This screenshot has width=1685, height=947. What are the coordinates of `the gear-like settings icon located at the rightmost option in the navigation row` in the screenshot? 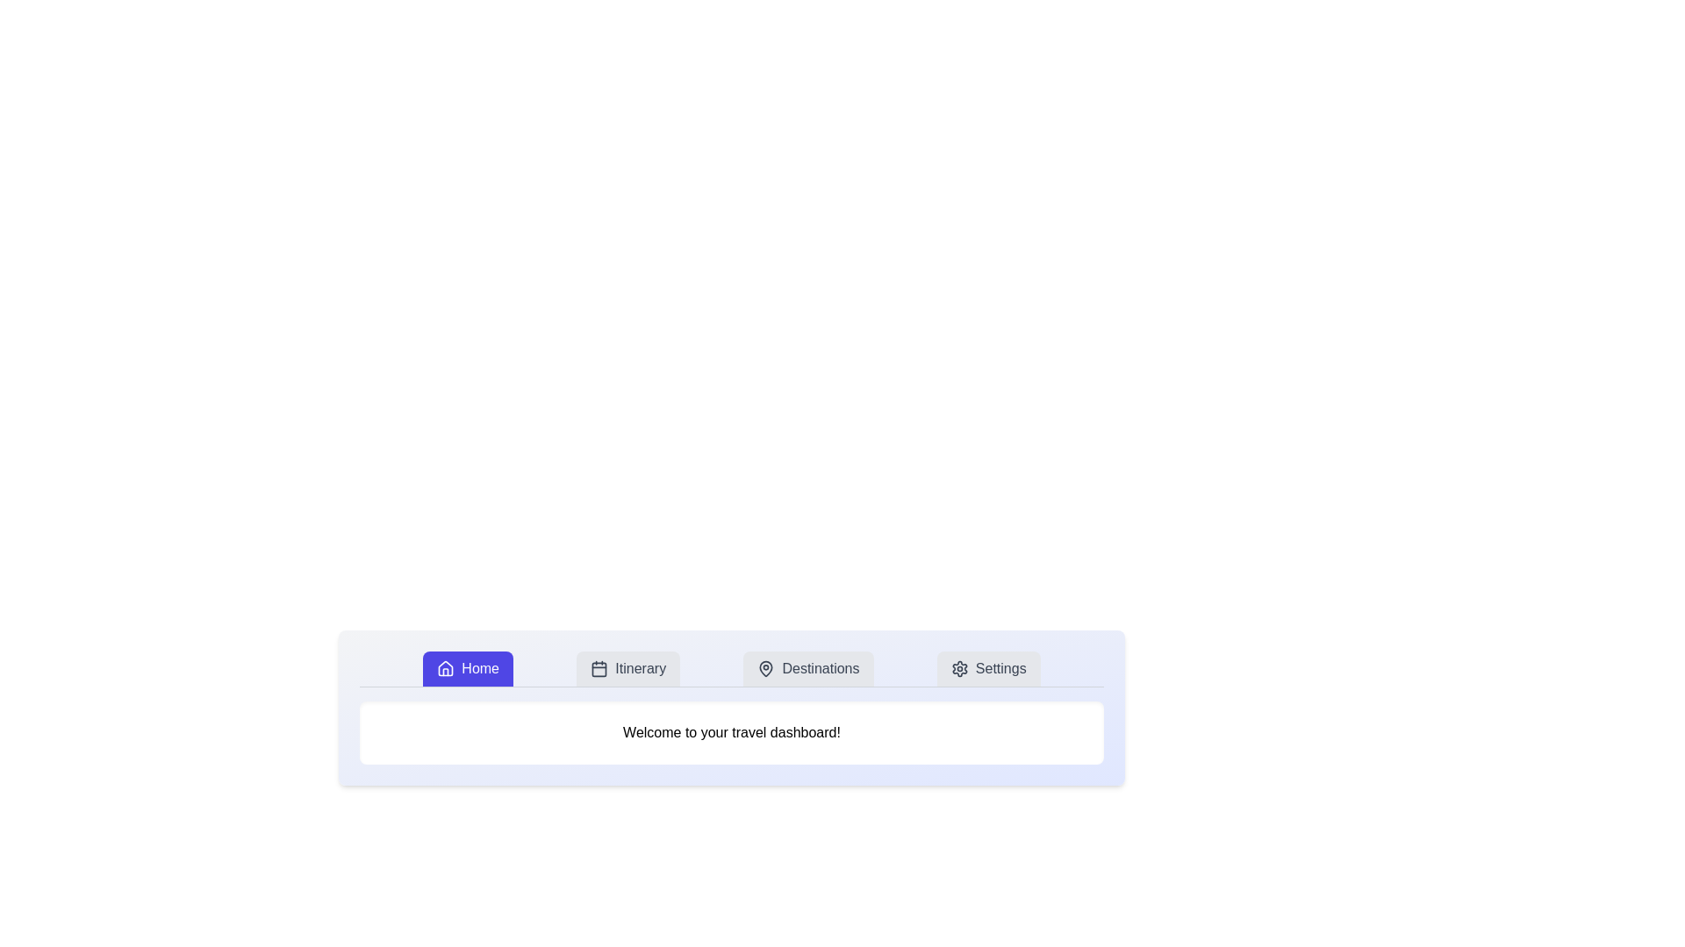 It's located at (958, 669).